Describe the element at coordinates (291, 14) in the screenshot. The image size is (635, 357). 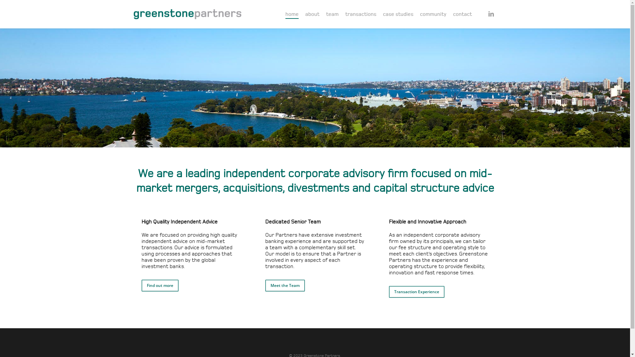
I see `'home'` at that location.